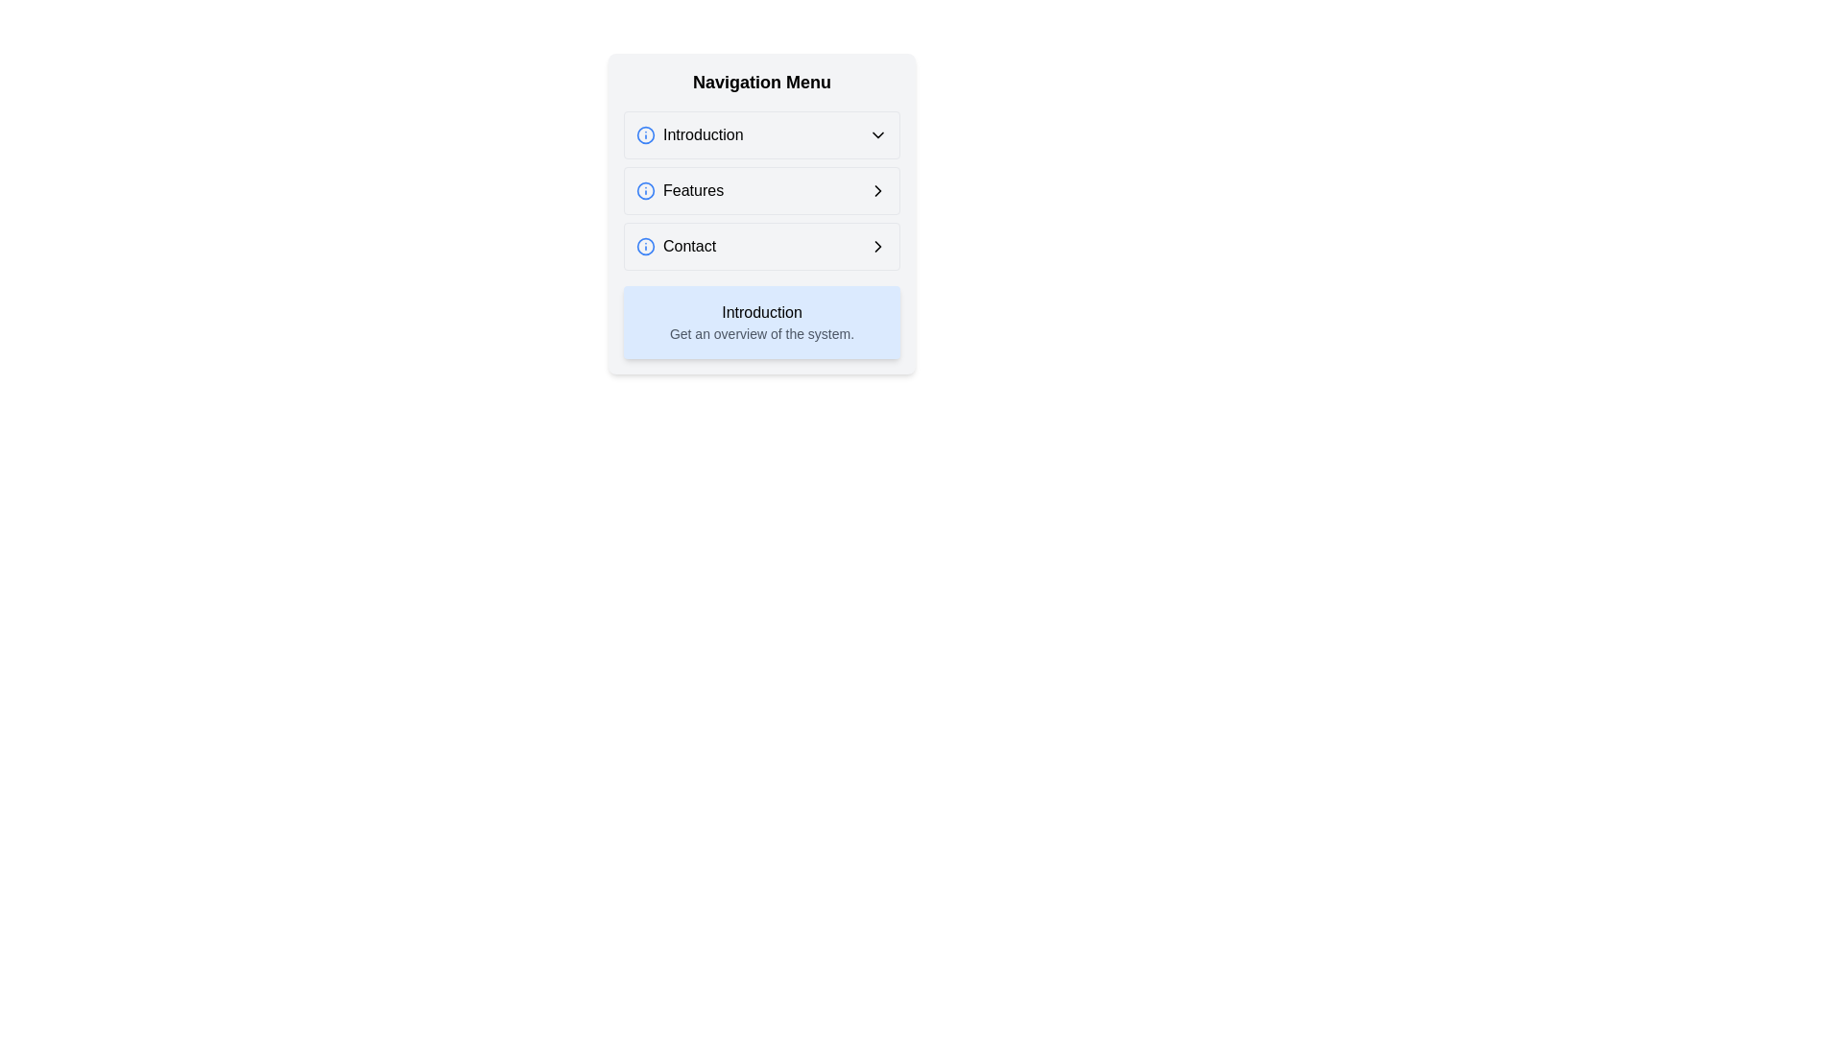 The height and width of the screenshot is (1037, 1843). Describe the element at coordinates (692, 191) in the screenshot. I see `the 'Features' text label in the navigation menu` at that location.